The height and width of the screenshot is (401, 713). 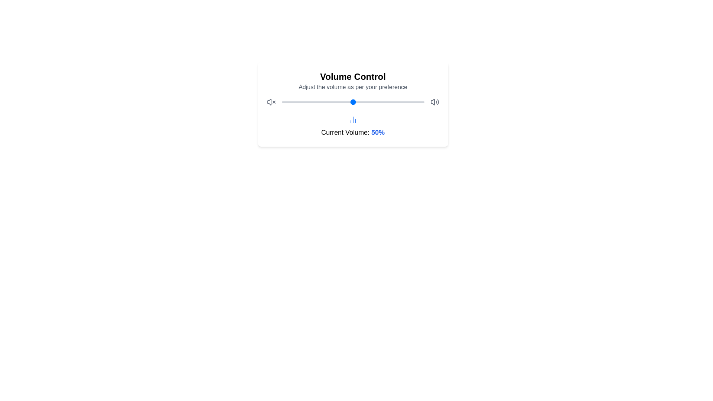 I want to click on the muted volume icon to mute the volume, so click(x=271, y=102).